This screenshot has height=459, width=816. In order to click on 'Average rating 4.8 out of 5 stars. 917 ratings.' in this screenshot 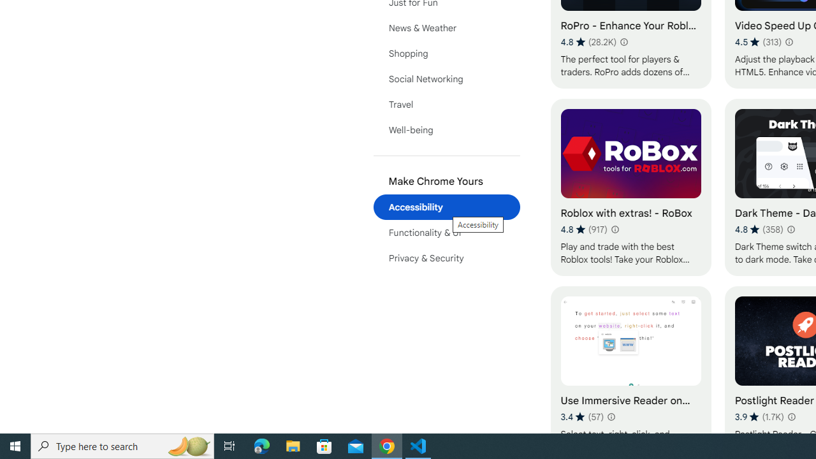, I will do `click(583, 229)`.